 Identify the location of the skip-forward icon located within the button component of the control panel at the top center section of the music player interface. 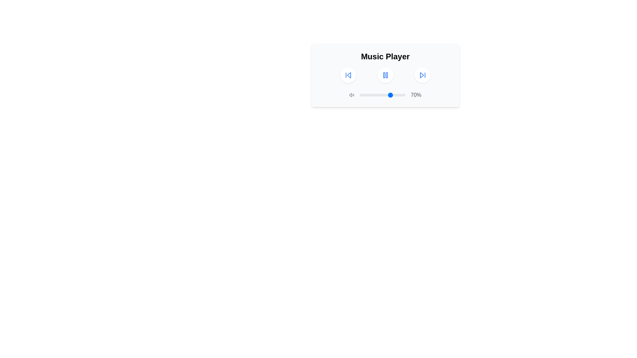
(421, 75).